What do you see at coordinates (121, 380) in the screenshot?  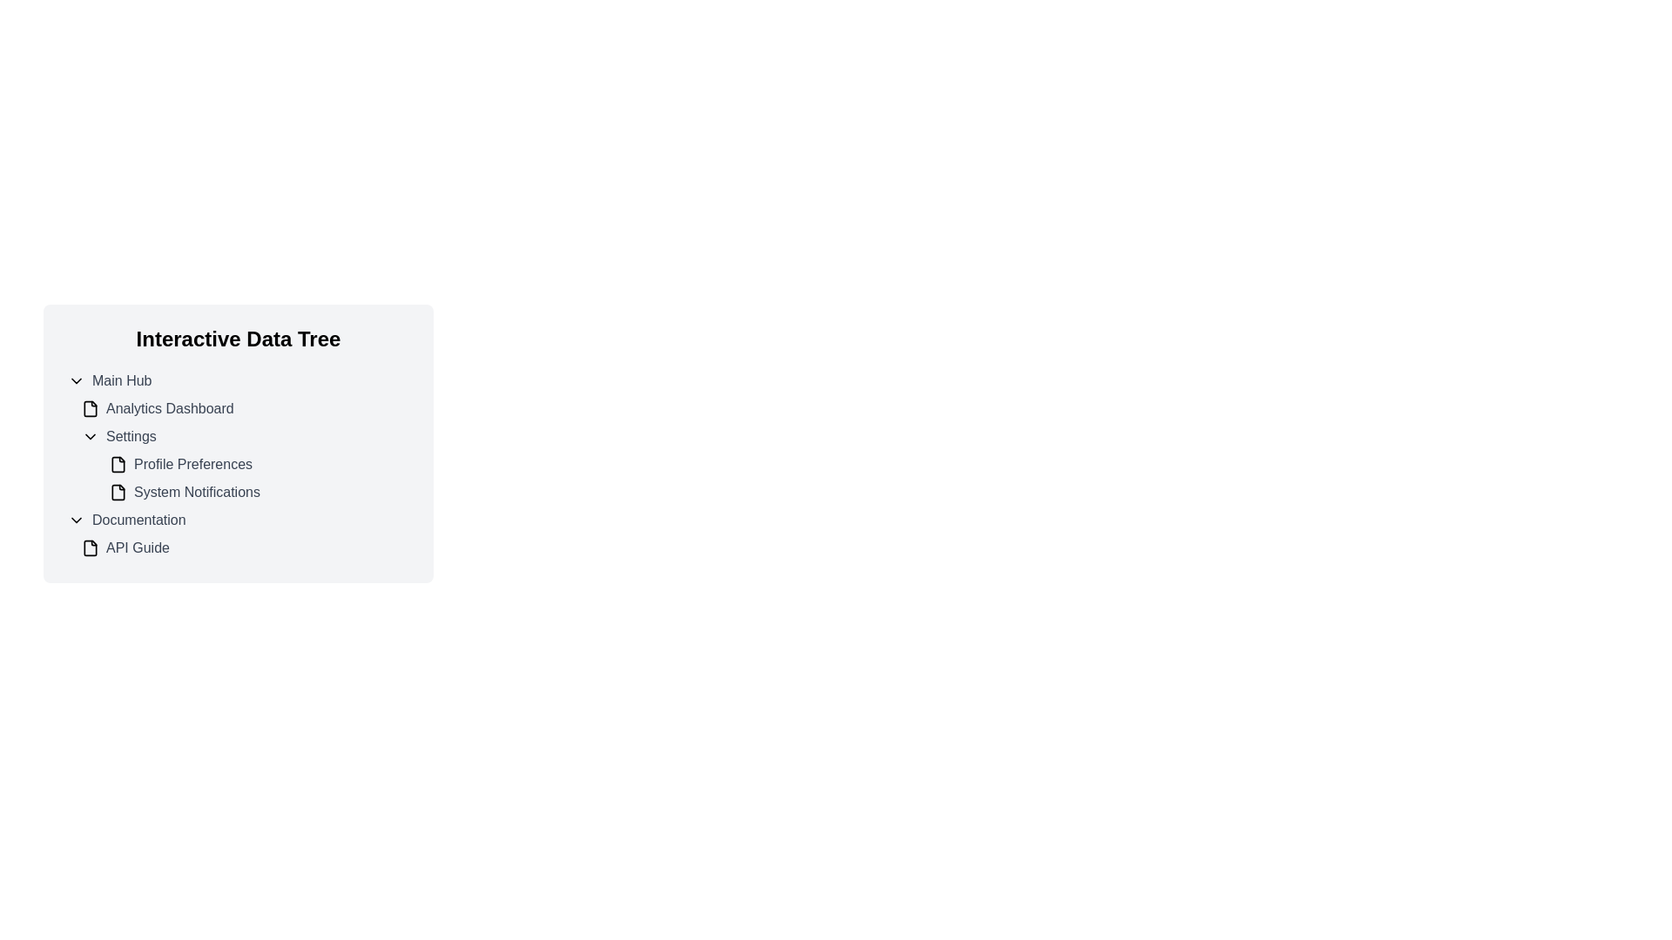 I see `the 'Main Hub' text label` at bounding box center [121, 380].